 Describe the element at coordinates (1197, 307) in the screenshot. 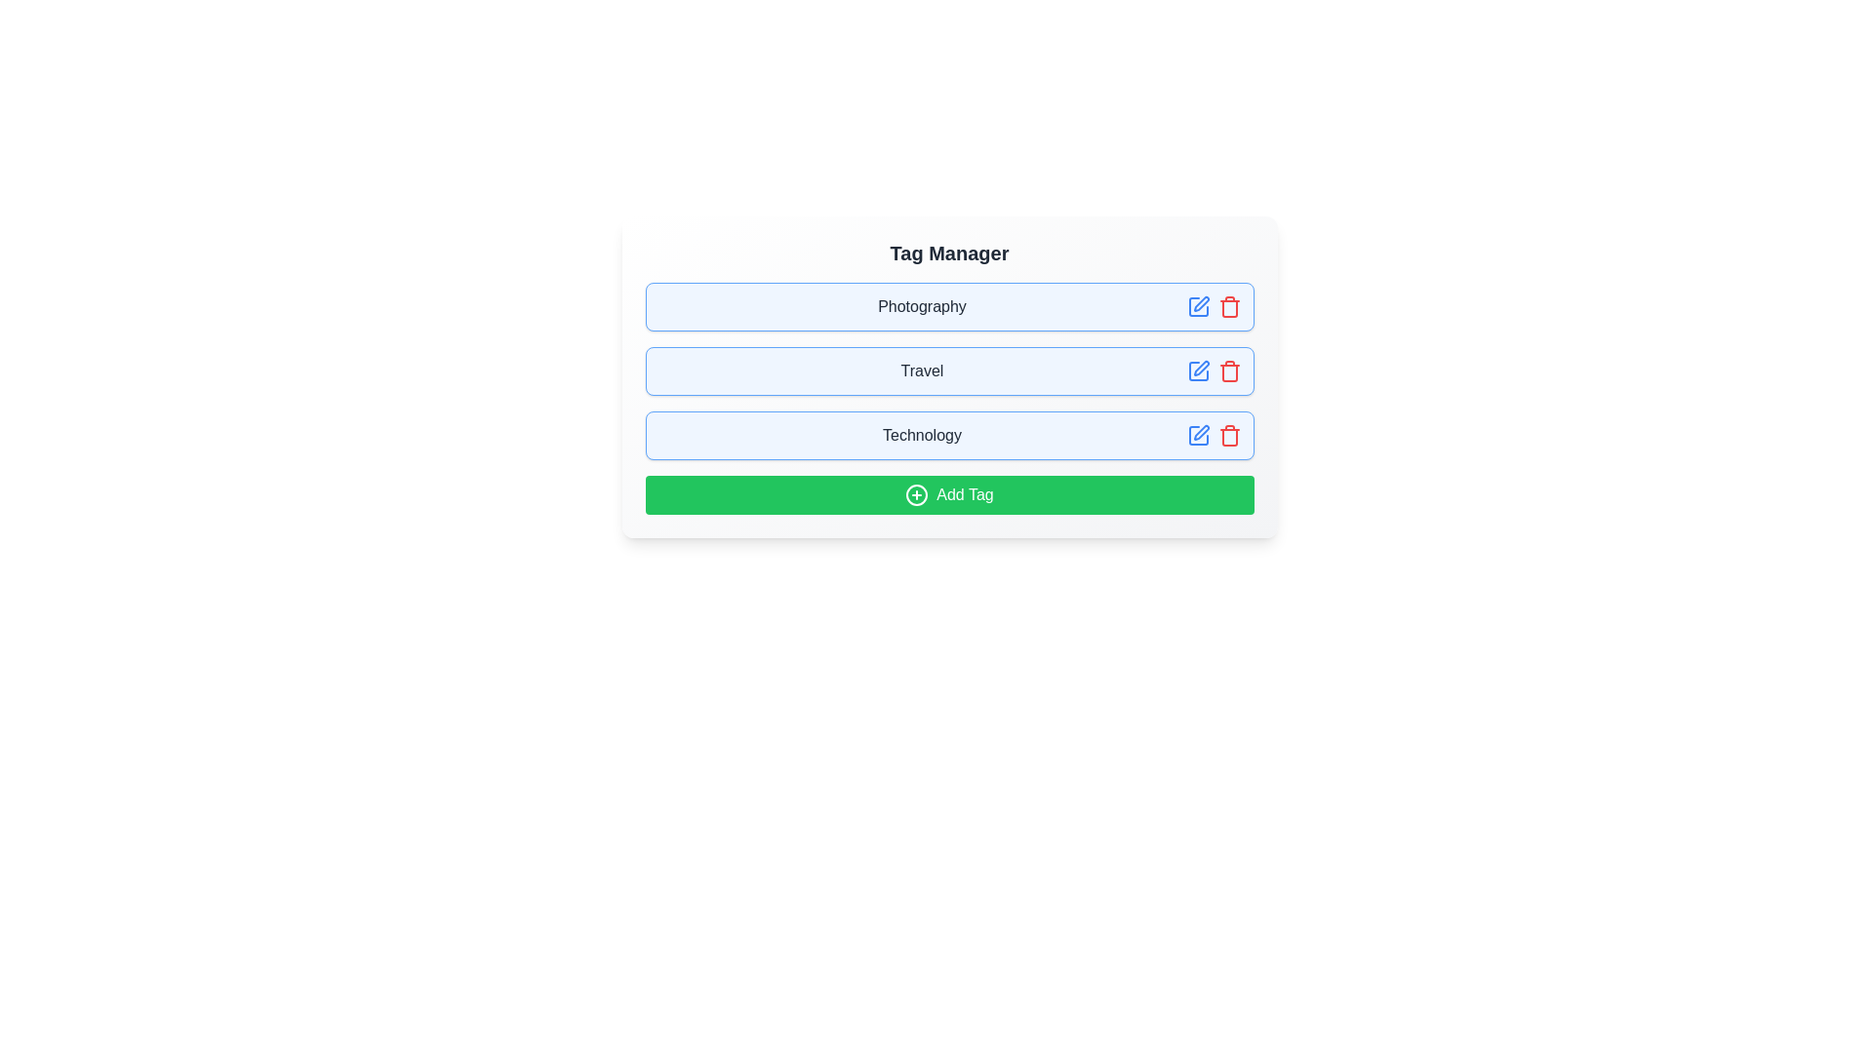

I see `edit icon for the tag labeled Photography` at that location.